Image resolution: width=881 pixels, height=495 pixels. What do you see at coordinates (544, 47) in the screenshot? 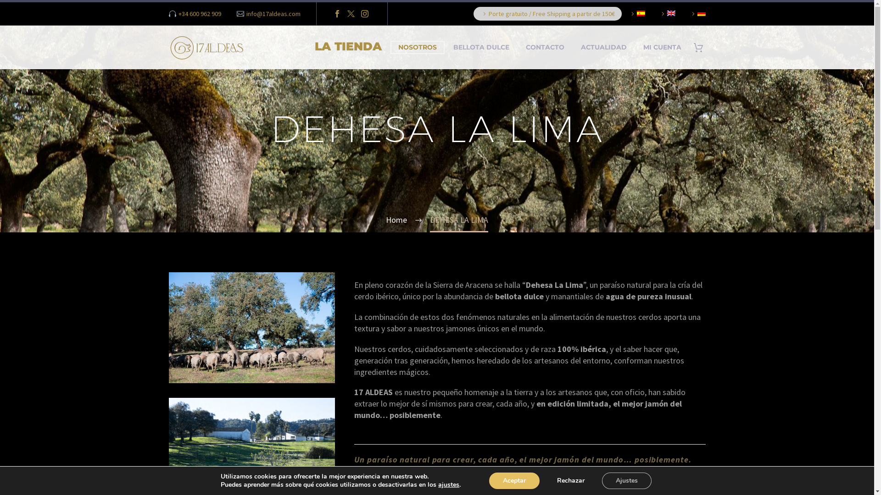
I see `'CONTACTO'` at bounding box center [544, 47].